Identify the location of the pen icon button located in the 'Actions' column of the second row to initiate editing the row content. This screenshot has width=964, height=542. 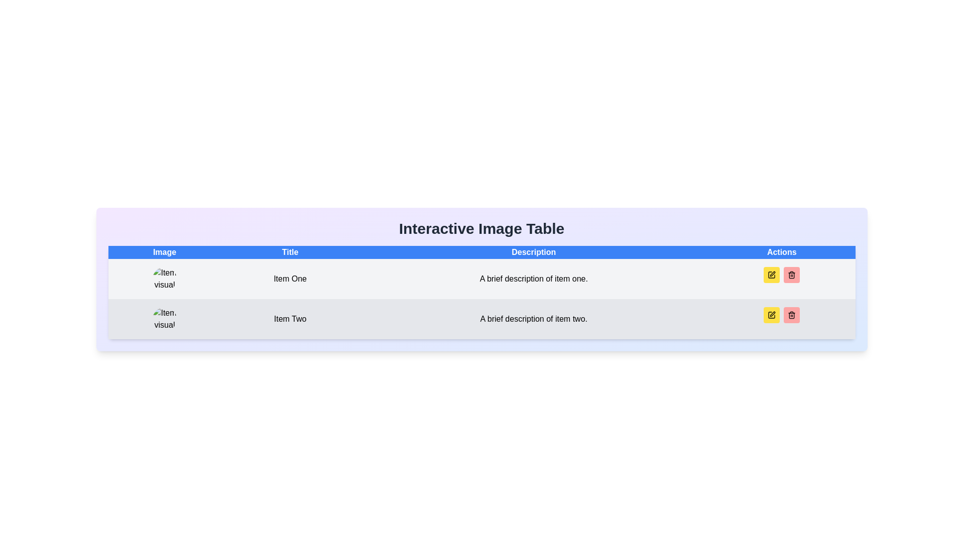
(771, 275).